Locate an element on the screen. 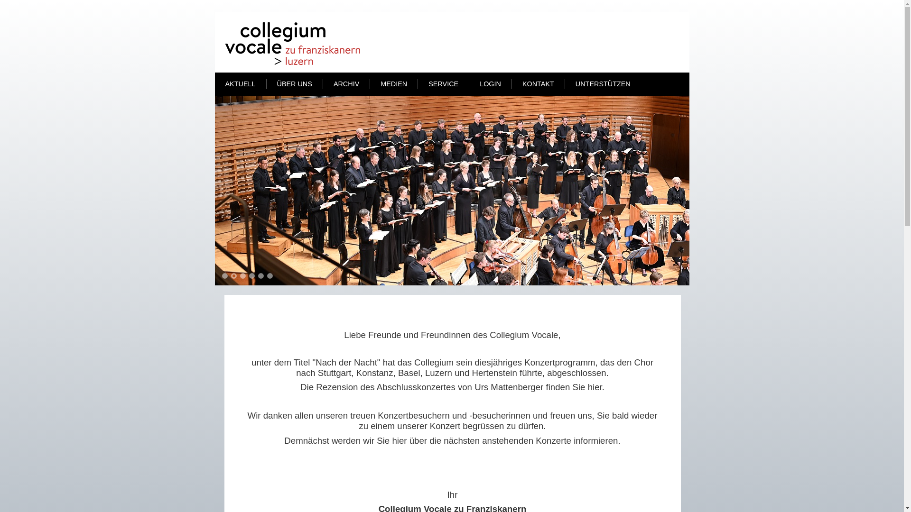 This screenshot has height=512, width=911. 'ARCHIV' is located at coordinates (327, 83).